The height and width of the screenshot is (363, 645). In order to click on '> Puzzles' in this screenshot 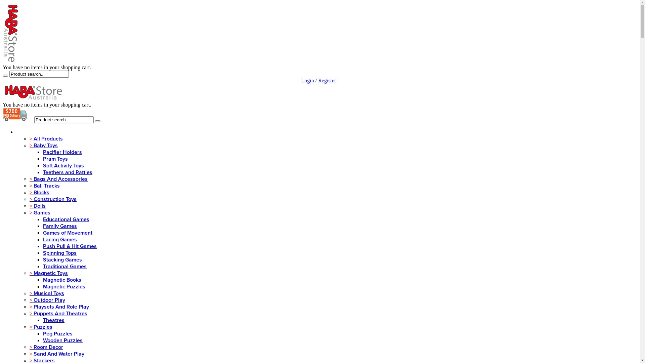, I will do `click(40, 326)`.